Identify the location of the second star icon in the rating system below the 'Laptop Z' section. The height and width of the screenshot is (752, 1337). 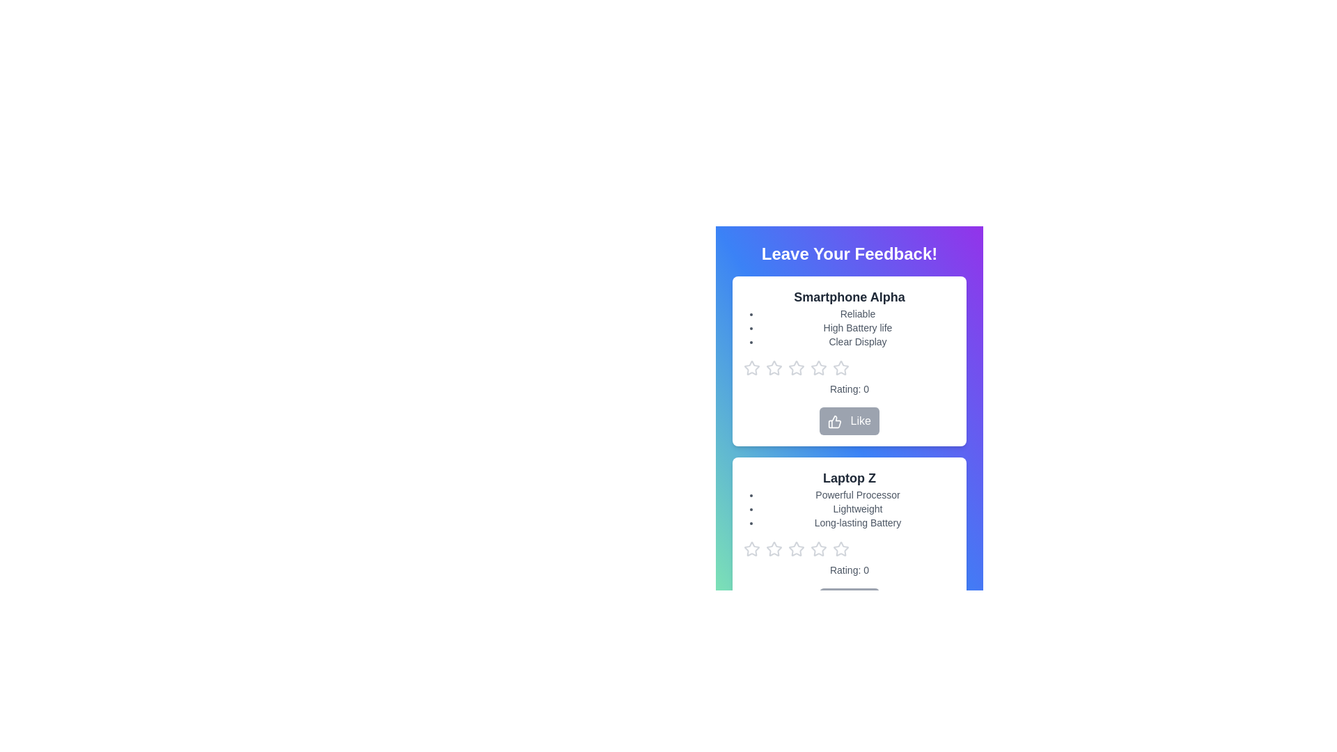
(774, 549).